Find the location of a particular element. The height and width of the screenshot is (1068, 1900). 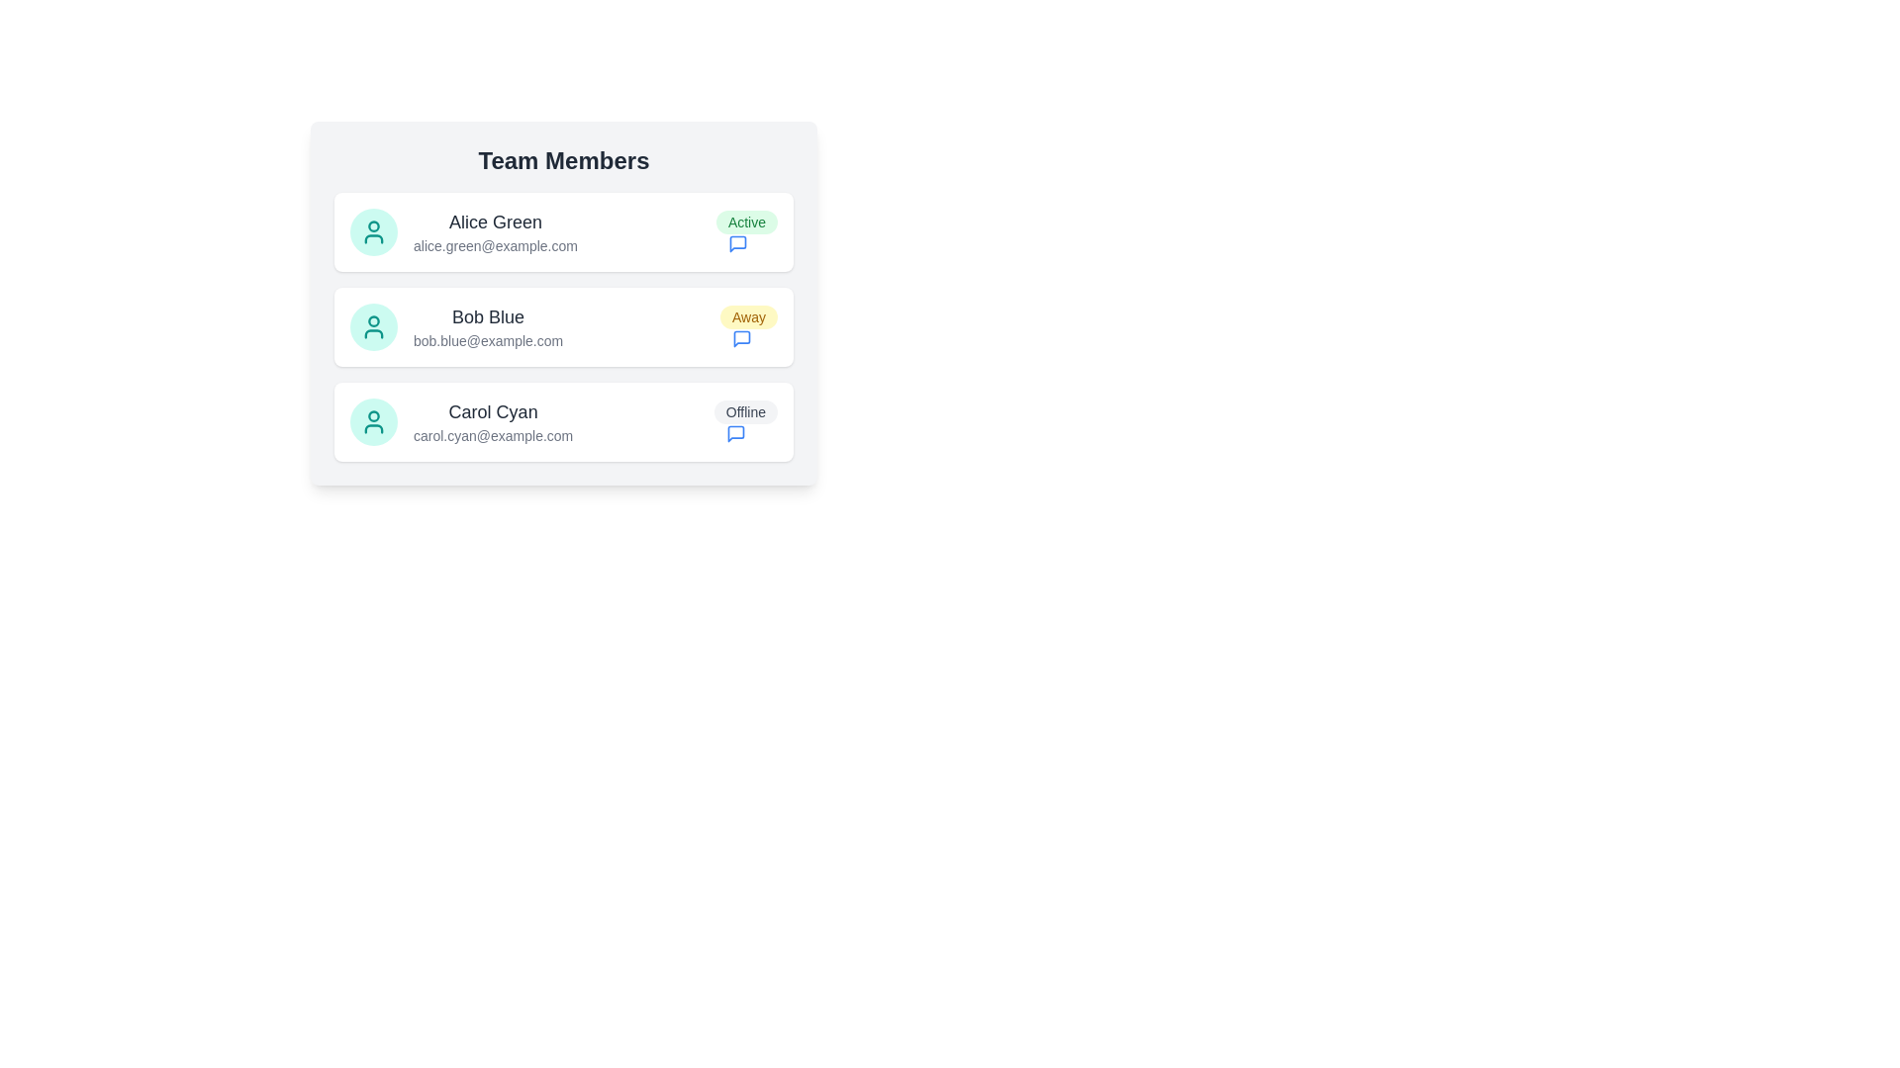

the text display identifying a team member, which includes their name and email, located in the item card under 'Team Members' is located at coordinates (495, 231).